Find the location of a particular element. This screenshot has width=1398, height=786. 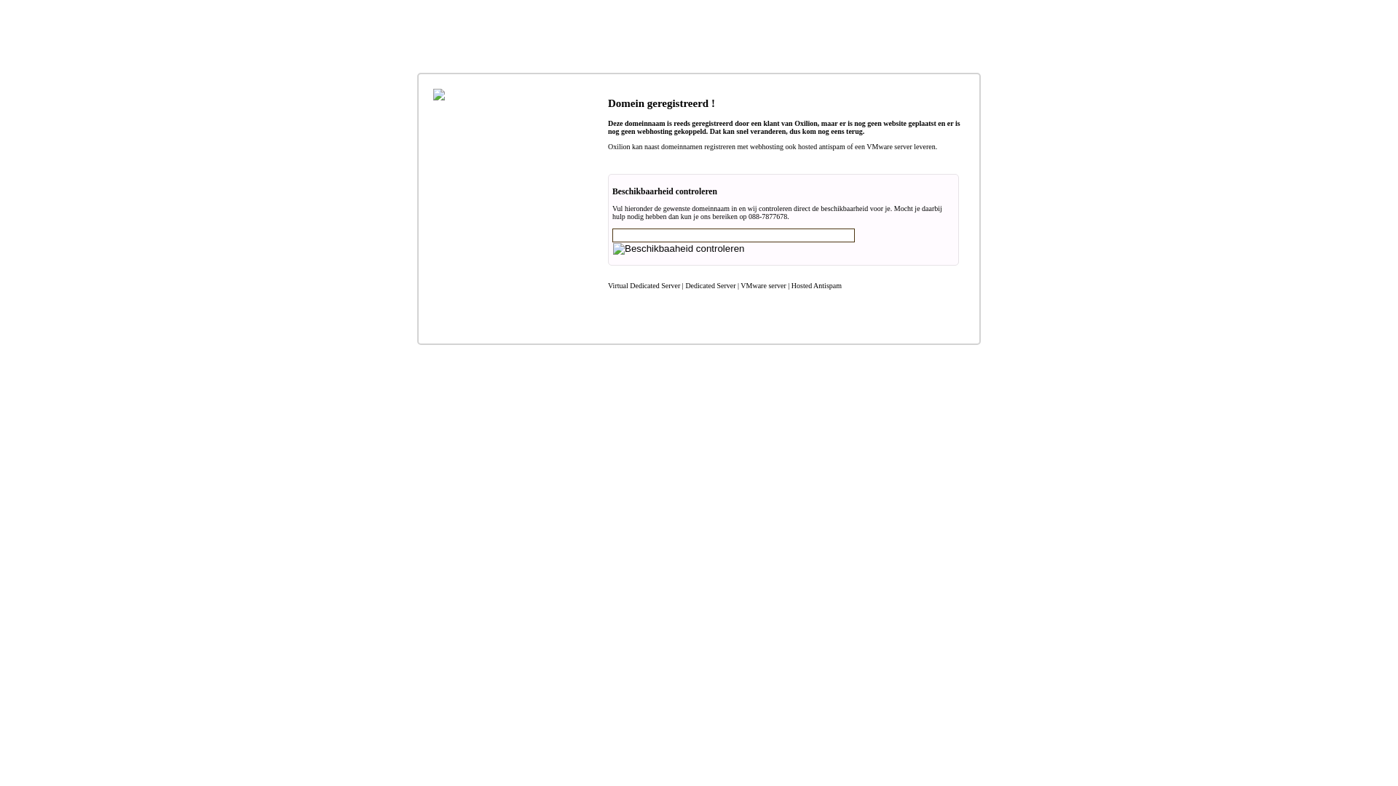

'Dedicated Server' is located at coordinates (710, 285).